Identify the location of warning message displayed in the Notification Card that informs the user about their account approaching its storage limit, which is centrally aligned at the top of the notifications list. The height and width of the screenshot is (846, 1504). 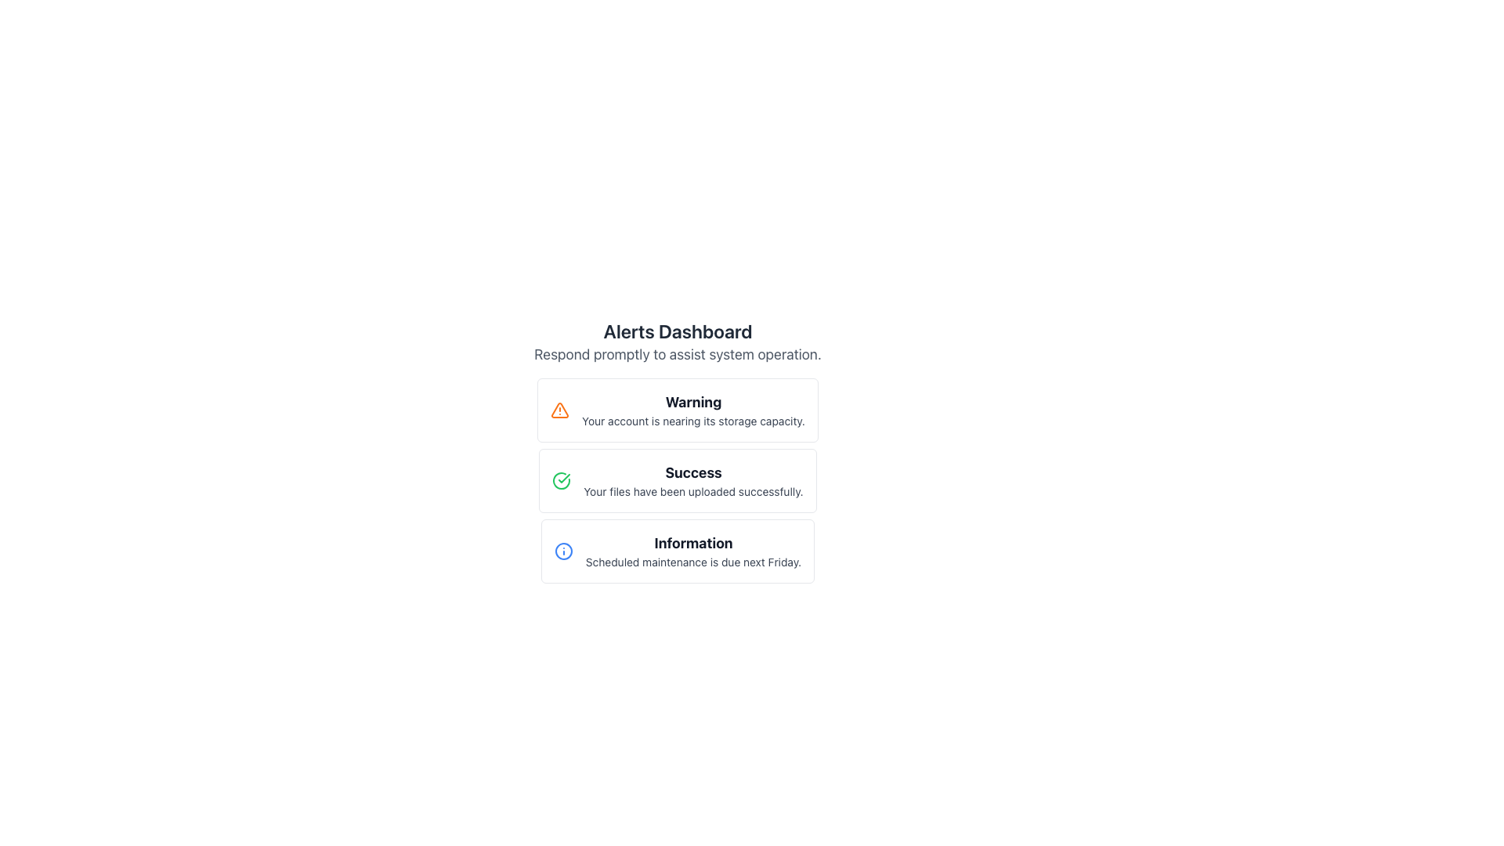
(678, 410).